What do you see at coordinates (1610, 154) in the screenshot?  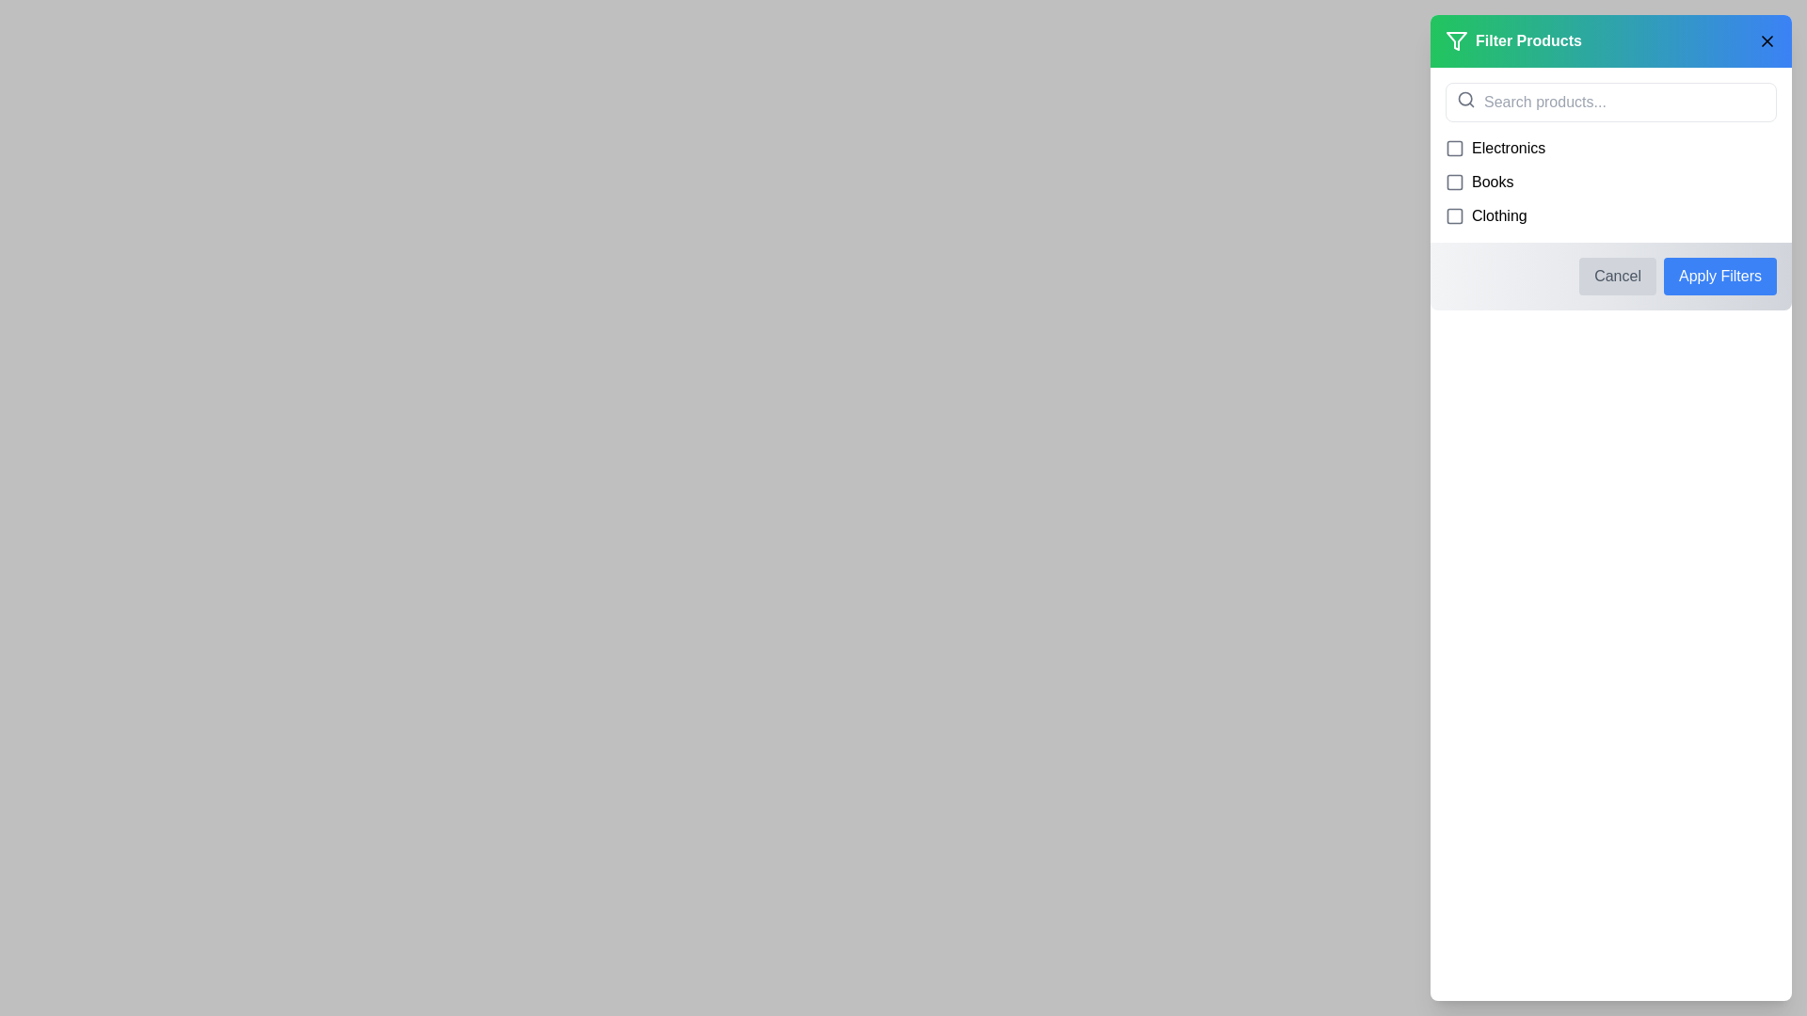 I see `the checkbox in the 'Filter Products' section` at bounding box center [1610, 154].